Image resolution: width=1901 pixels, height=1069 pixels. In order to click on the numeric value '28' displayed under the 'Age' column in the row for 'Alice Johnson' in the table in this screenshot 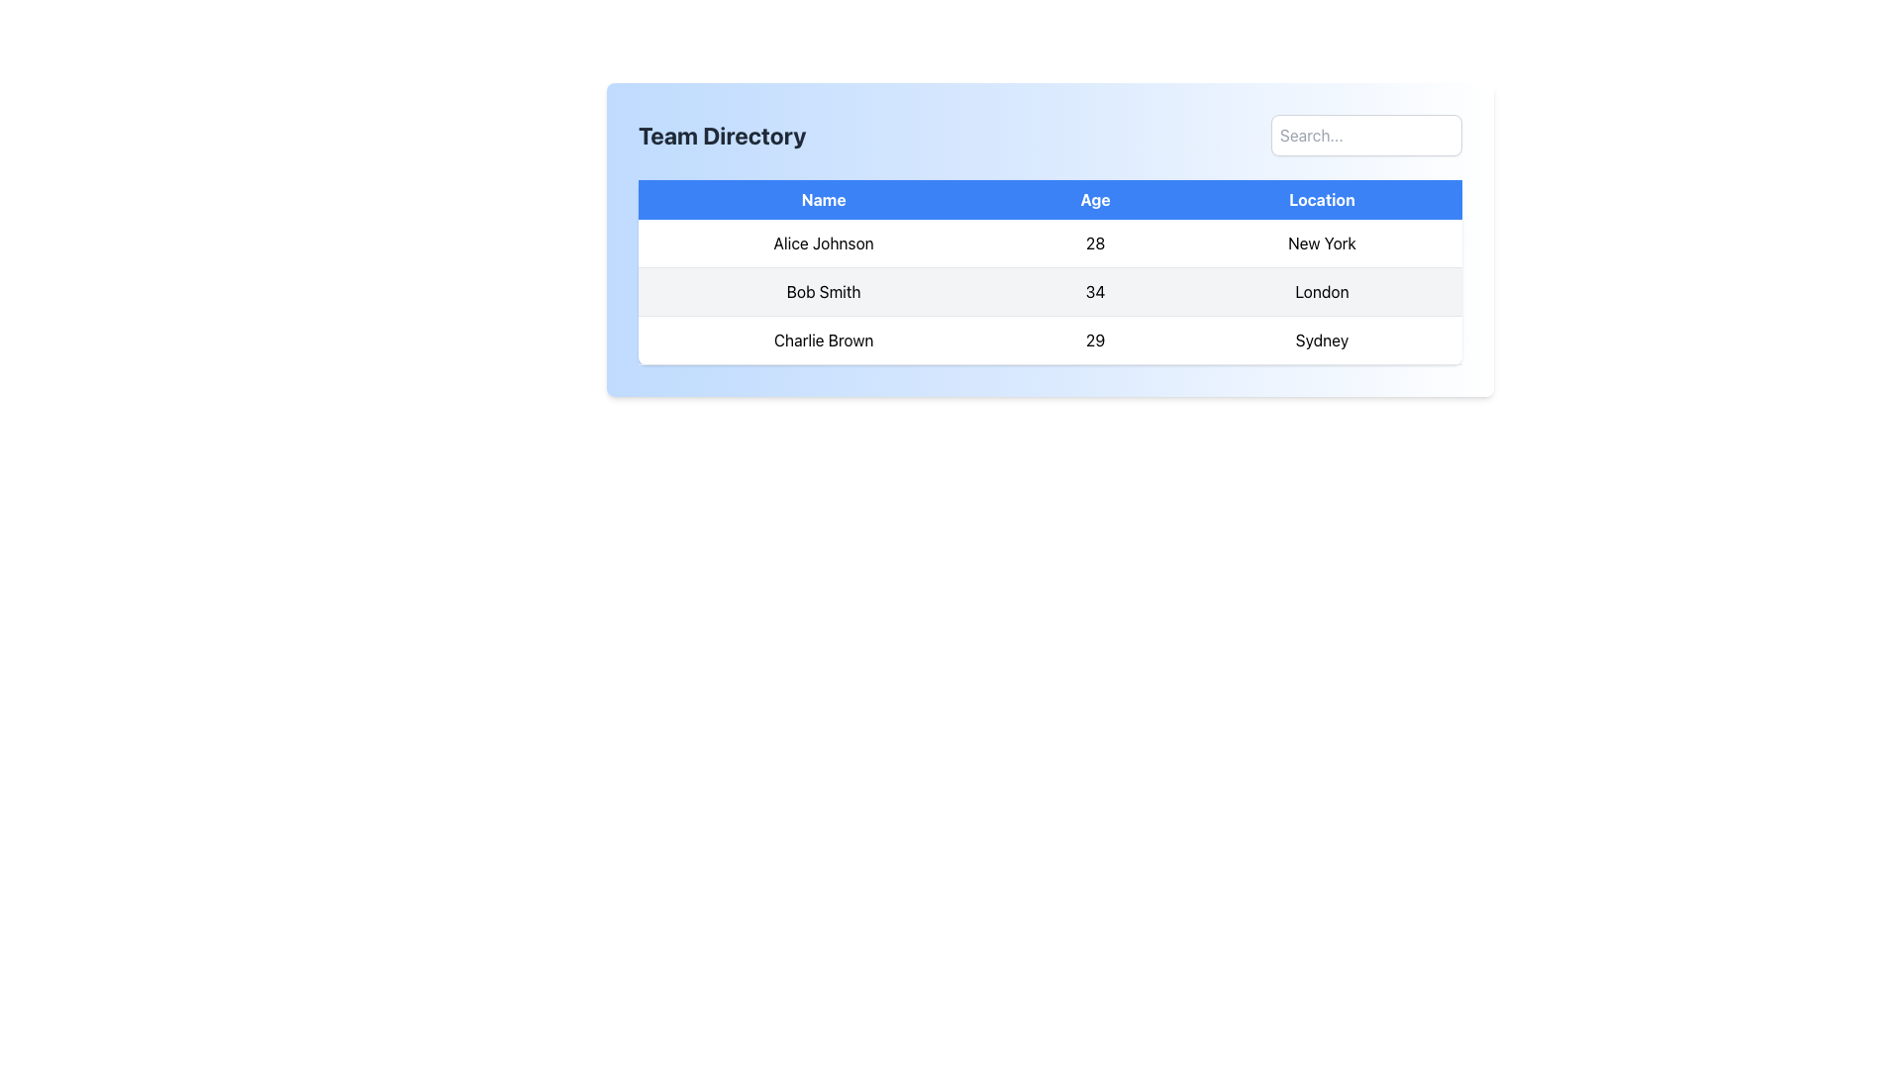, I will do `click(1094, 243)`.